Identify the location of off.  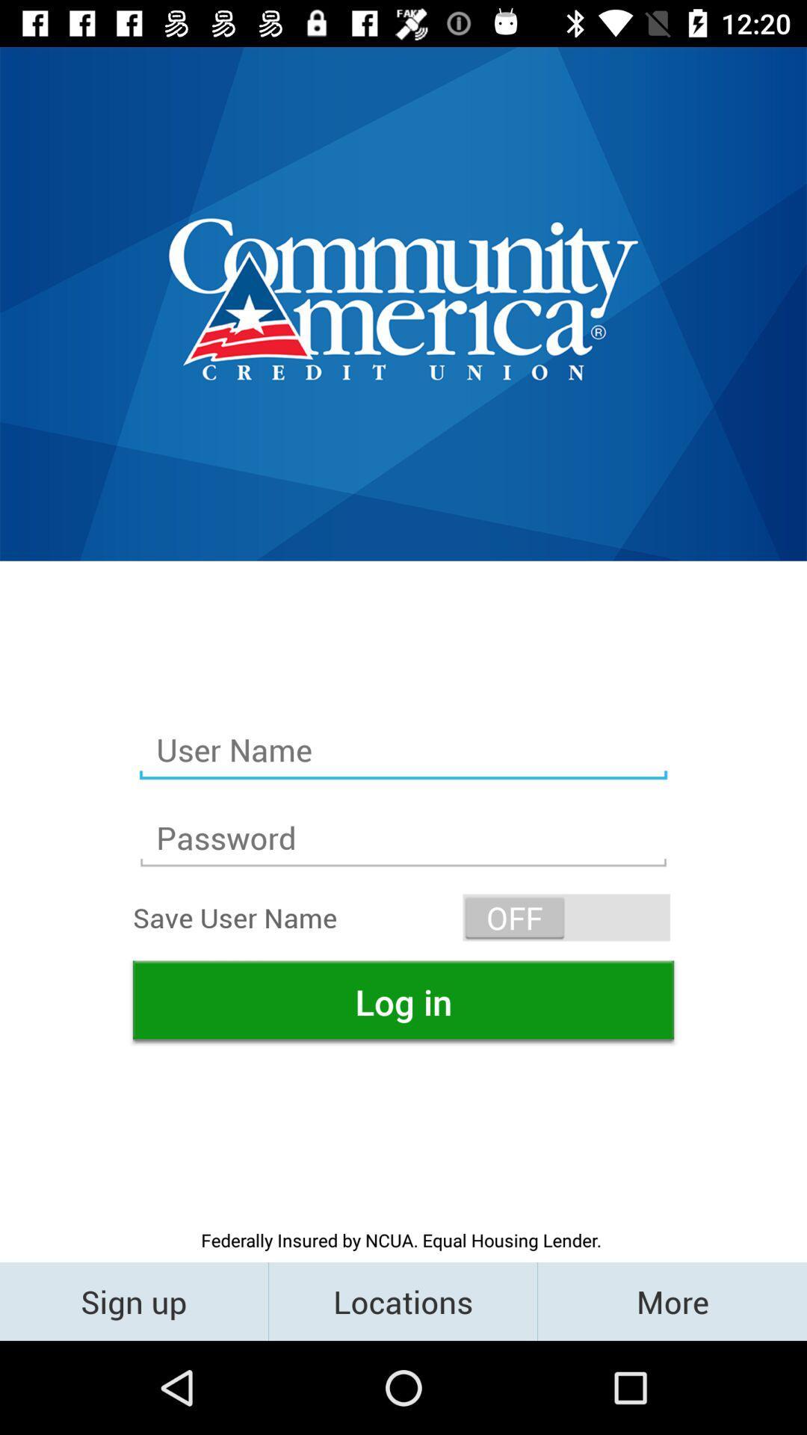
(566, 917).